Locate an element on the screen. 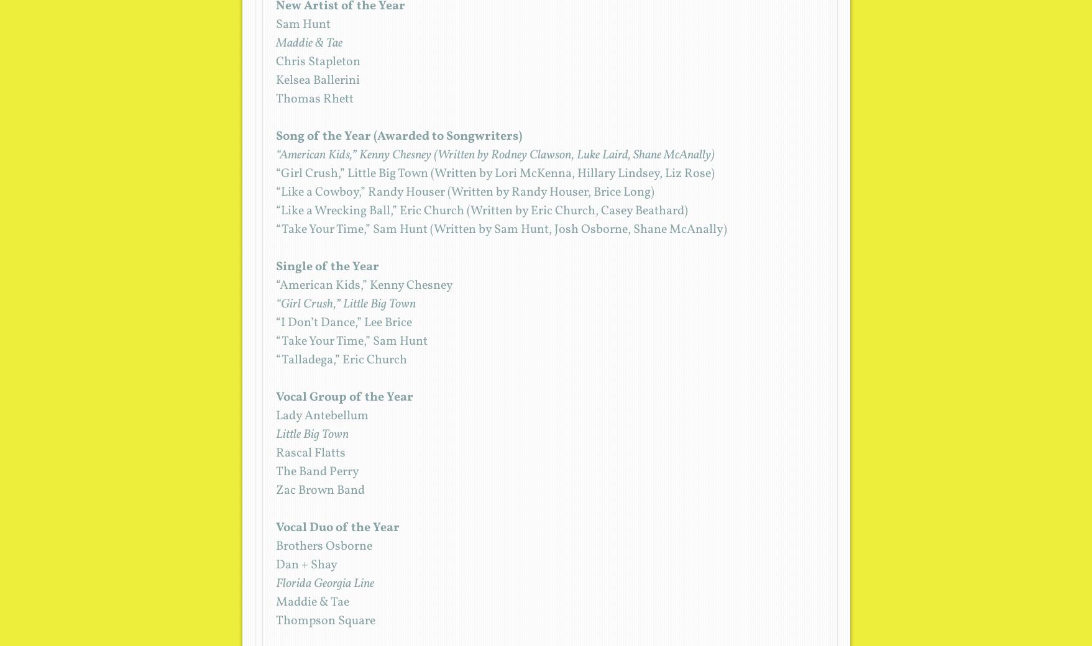  '“American Kids,” Kenny Chesney' is located at coordinates (364, 285).